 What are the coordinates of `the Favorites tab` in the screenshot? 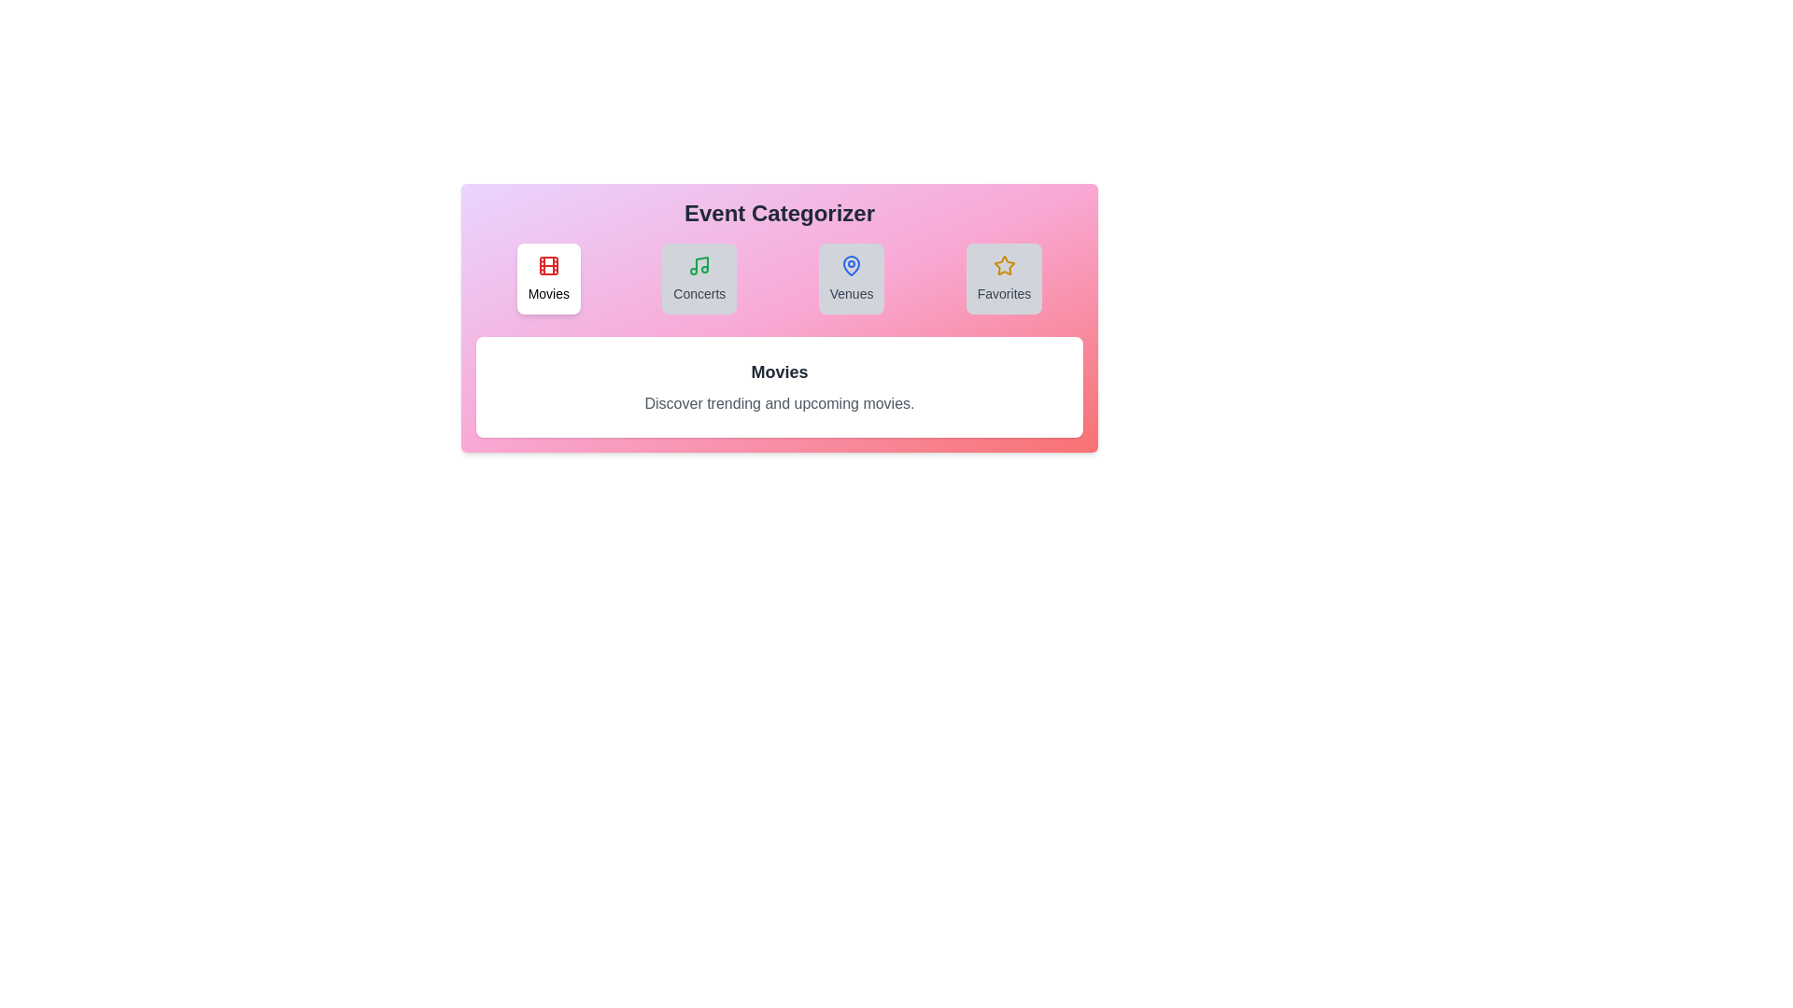 It's located at (1003, 279).